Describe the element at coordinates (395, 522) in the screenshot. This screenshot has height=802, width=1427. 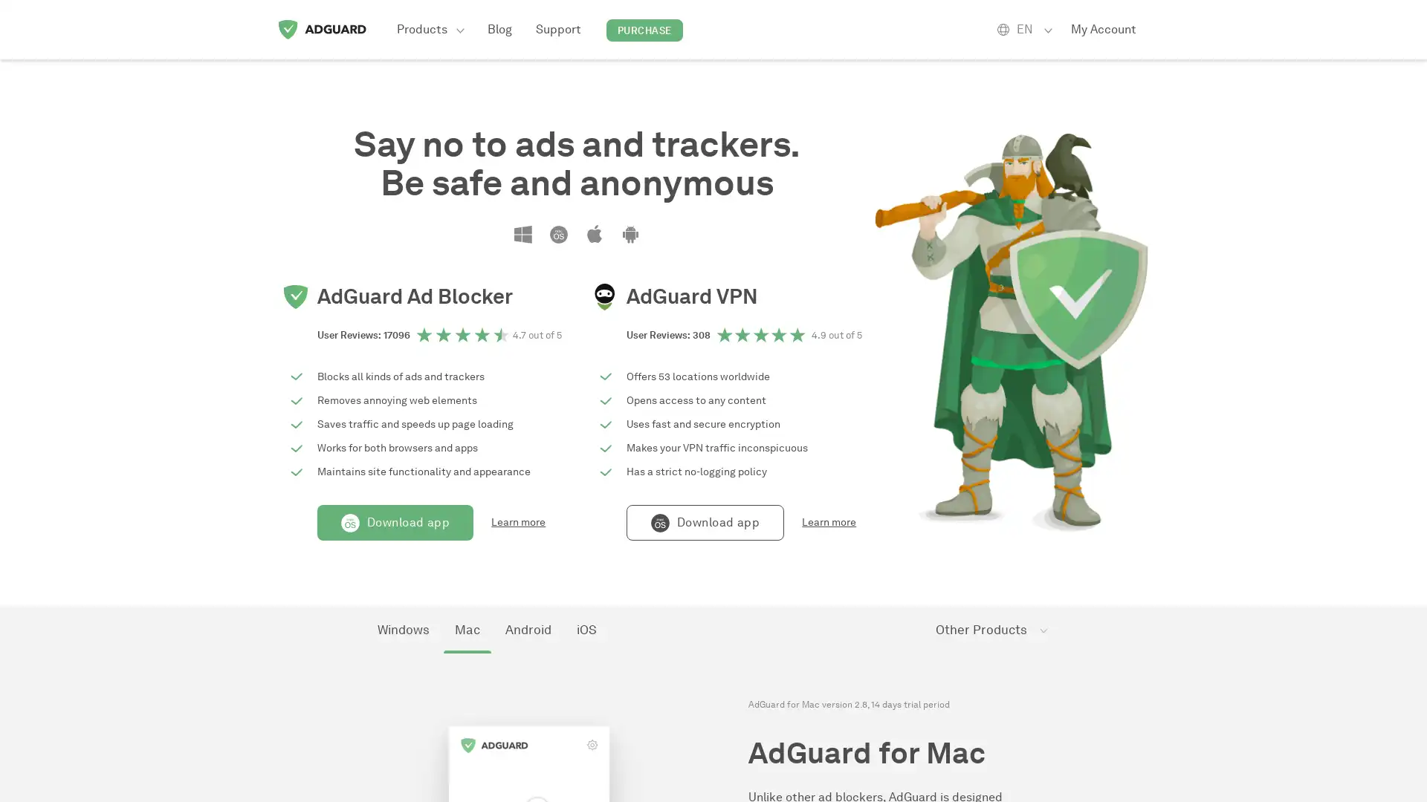
I see `Download app` at that location.